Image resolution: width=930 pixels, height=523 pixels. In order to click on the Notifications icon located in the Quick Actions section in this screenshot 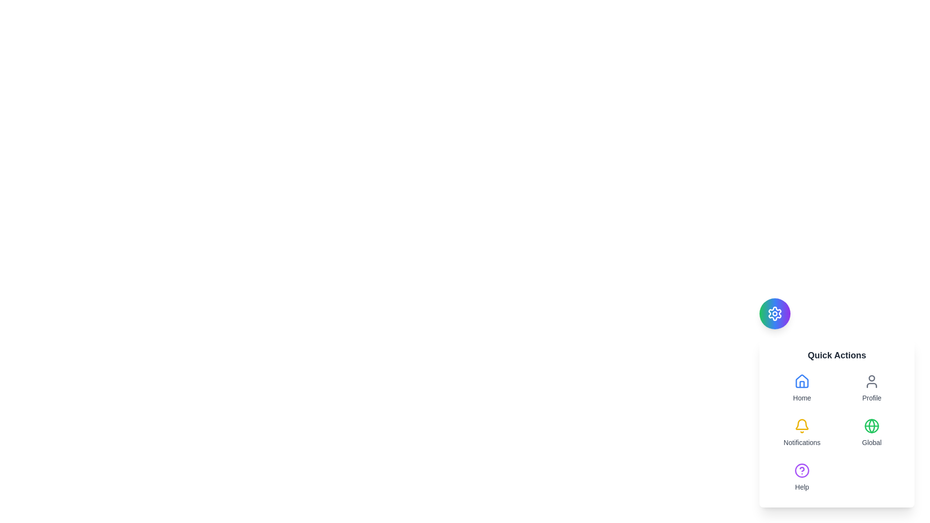, I will do `click(802, 425)`.